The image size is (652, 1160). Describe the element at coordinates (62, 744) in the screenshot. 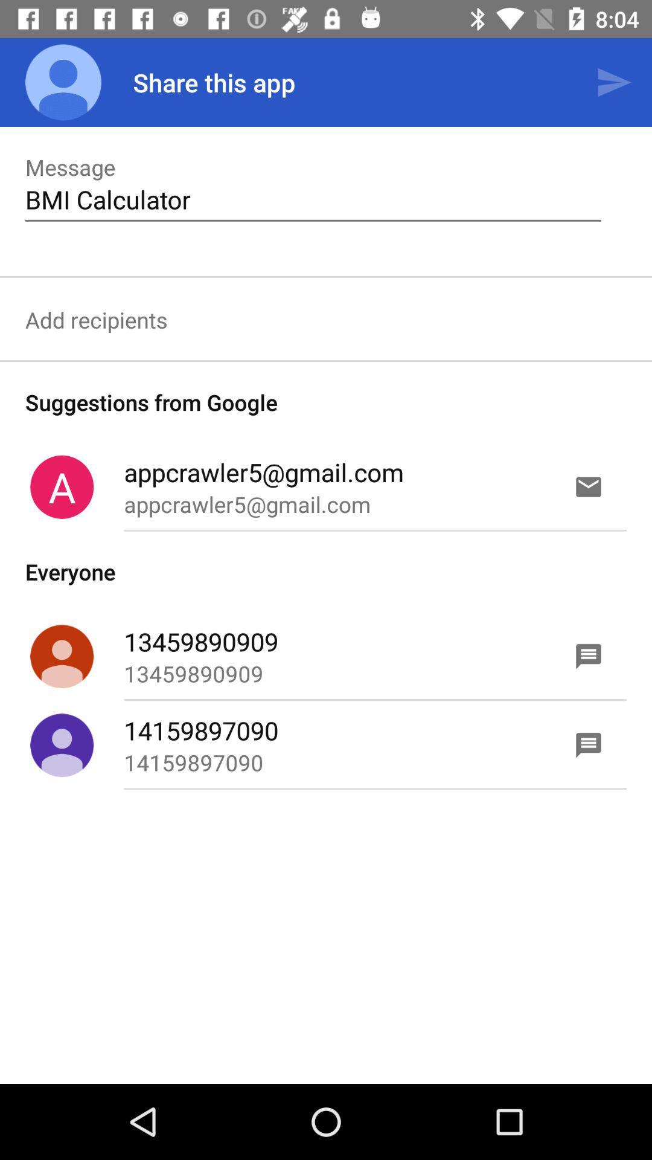

I see `the last profile photo` at that location.